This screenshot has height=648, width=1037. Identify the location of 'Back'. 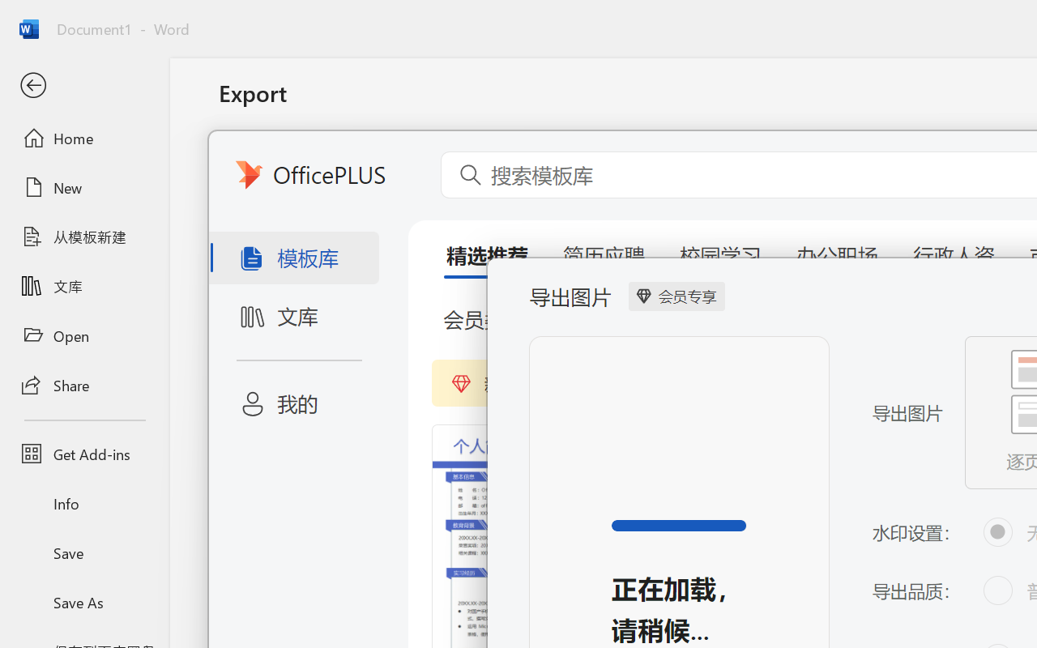
(83, 85).